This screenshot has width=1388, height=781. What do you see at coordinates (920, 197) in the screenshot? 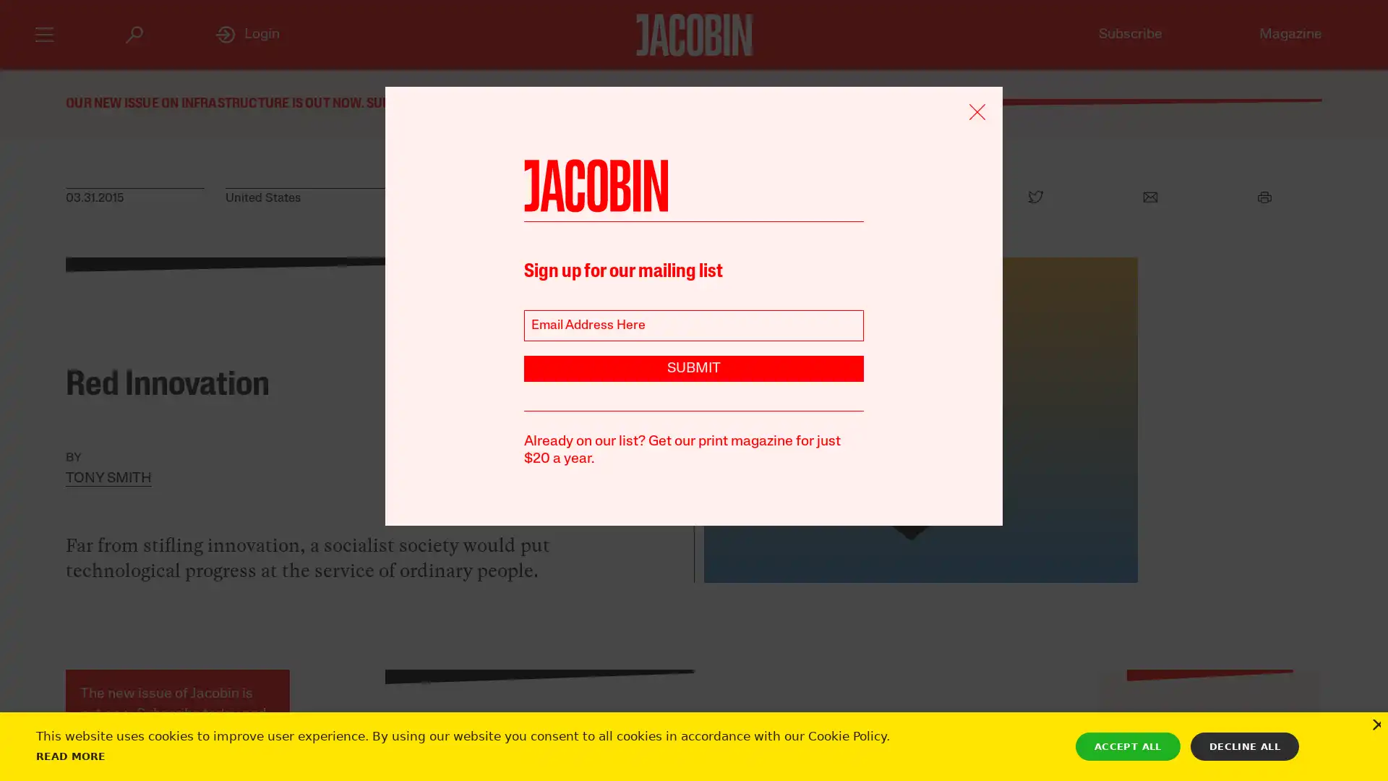
I see `Facebook Icon` at bounding box center [920, 197].